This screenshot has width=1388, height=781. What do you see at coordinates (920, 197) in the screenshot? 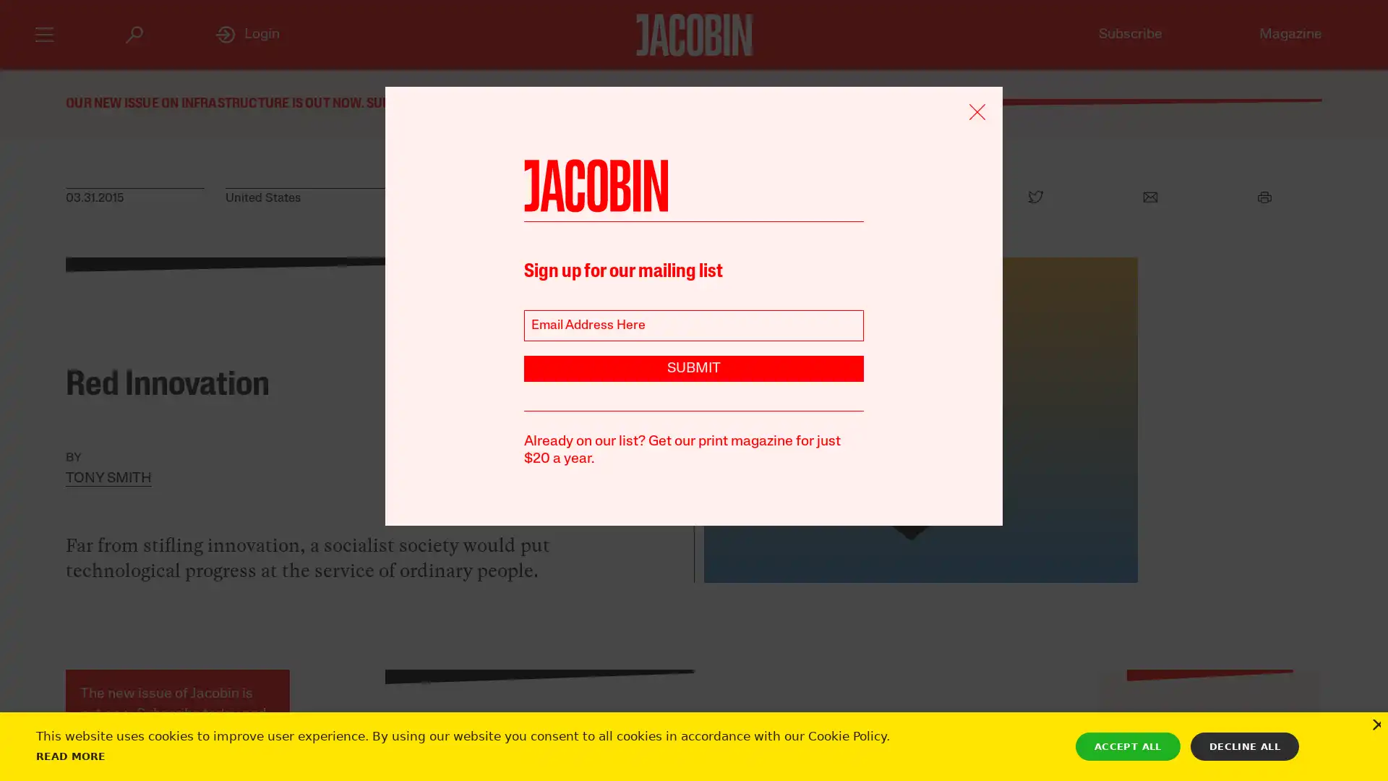
I see `Facebook Icon` at bounding box center [920, 197].